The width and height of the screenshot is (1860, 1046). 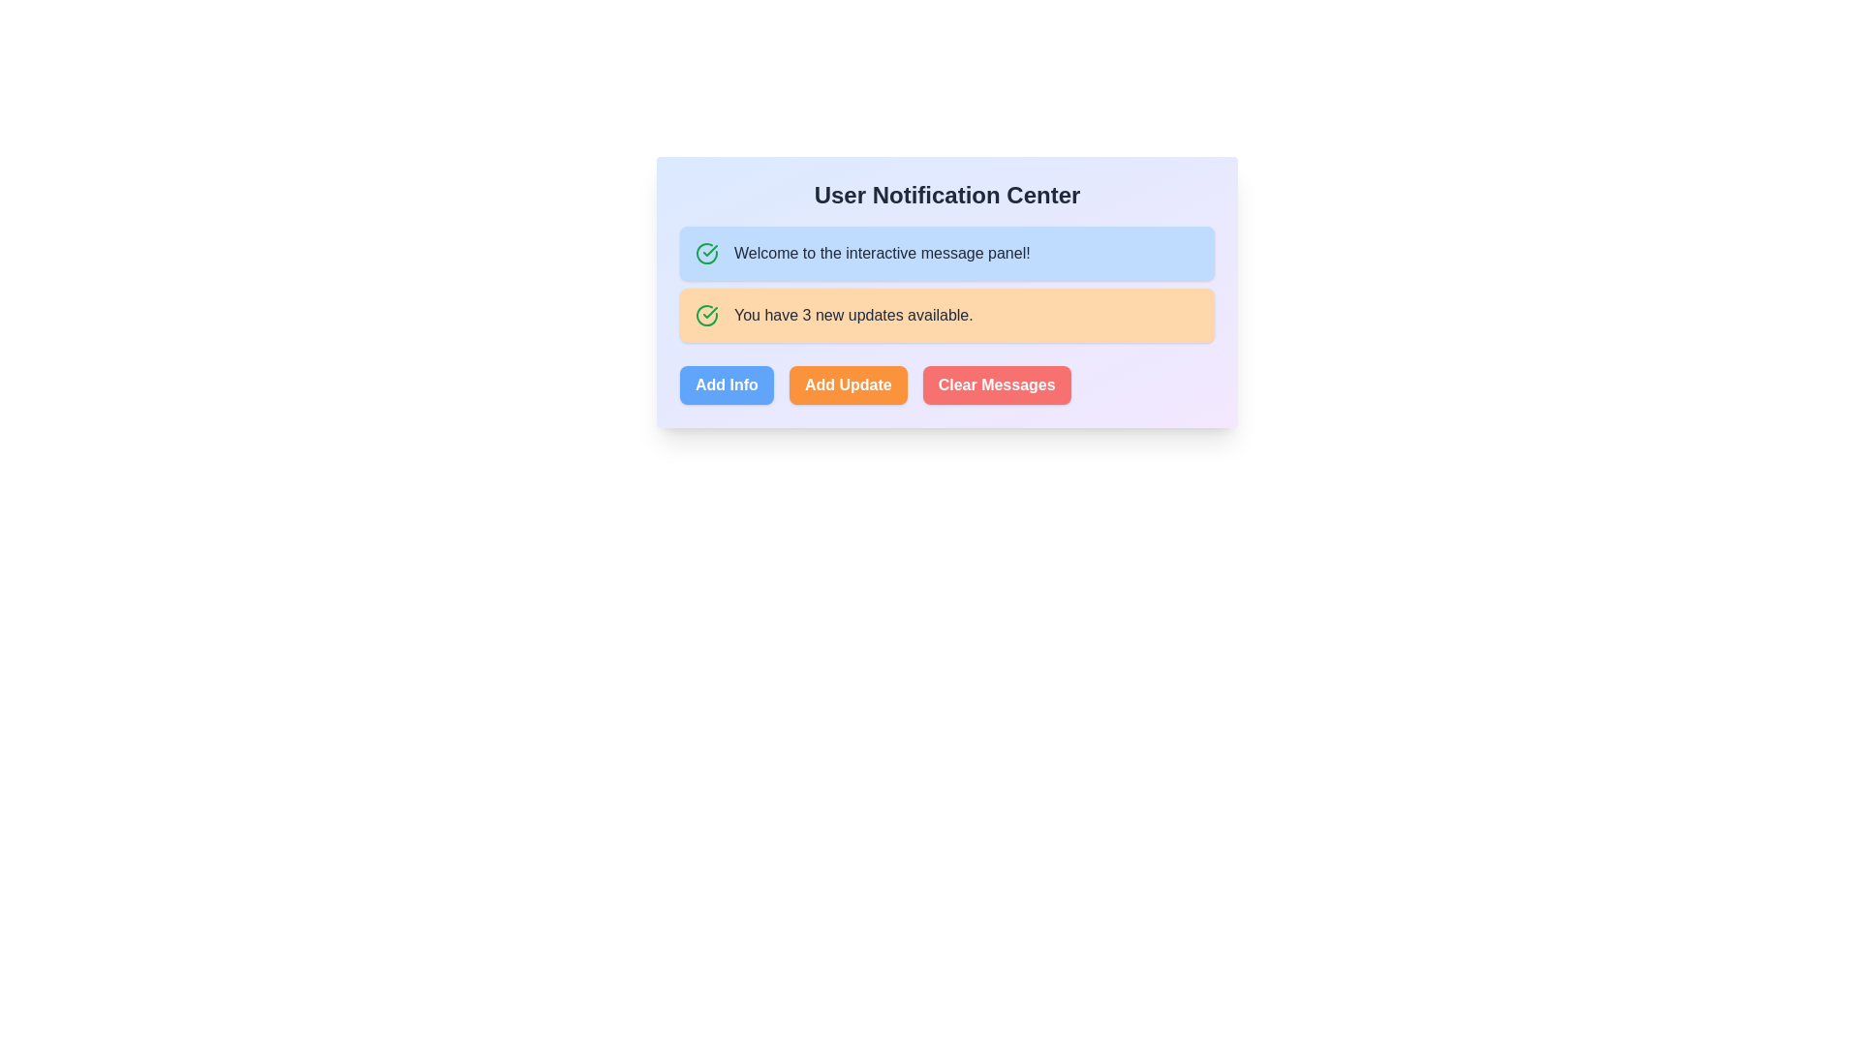 What do you see at coordinates (947, 253) in the screenshot?
I see `the informational panel that displays a welcoming note to the user, located below the 'User Notification Center' header` at bounding box center [947, 253].